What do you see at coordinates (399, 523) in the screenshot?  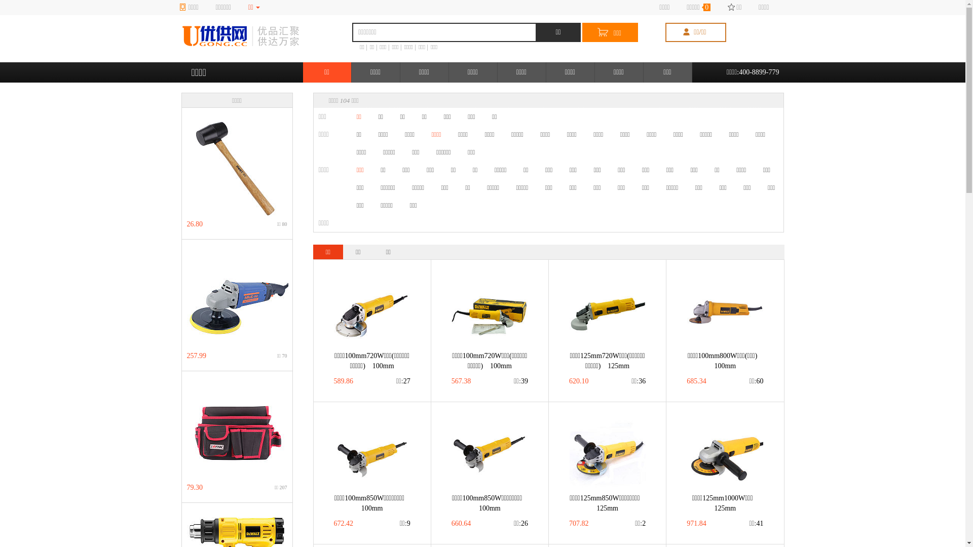 I see `'9'` at bounding box center [399, 523].